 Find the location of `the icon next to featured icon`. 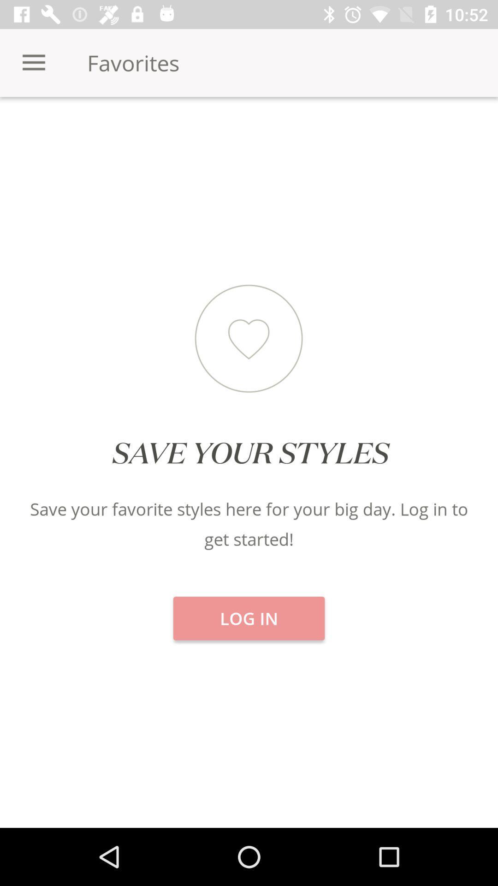

the icon next to featured icon is located at coordinates (414, 129).